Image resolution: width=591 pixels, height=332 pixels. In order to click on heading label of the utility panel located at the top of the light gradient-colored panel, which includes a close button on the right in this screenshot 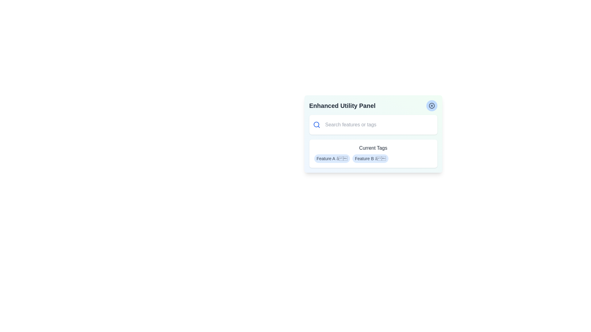, I will do `click(373, 105)`.